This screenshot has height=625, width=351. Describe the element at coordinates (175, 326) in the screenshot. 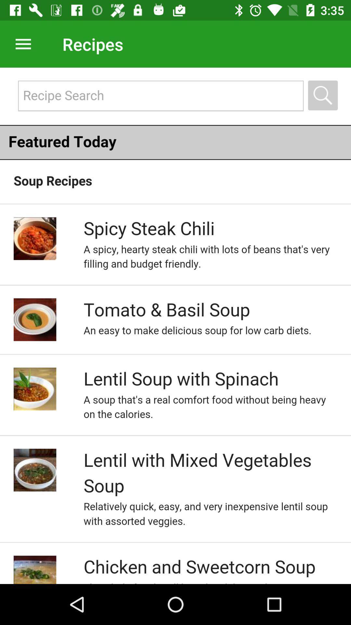

I see `choose the option` at that location.